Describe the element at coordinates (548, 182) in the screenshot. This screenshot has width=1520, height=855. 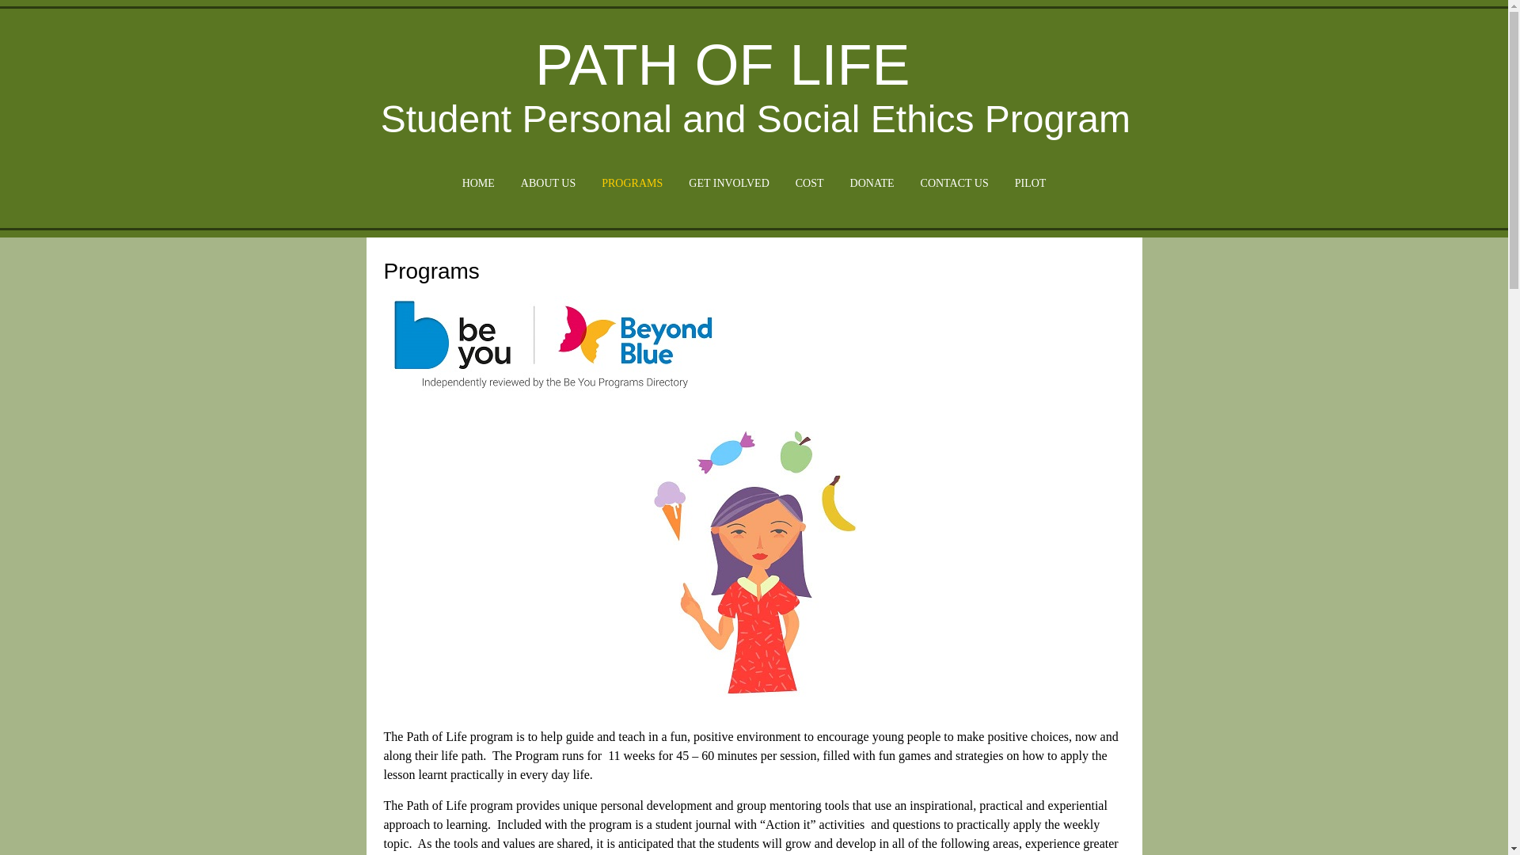
I see `'ABOUT US'` at that location.